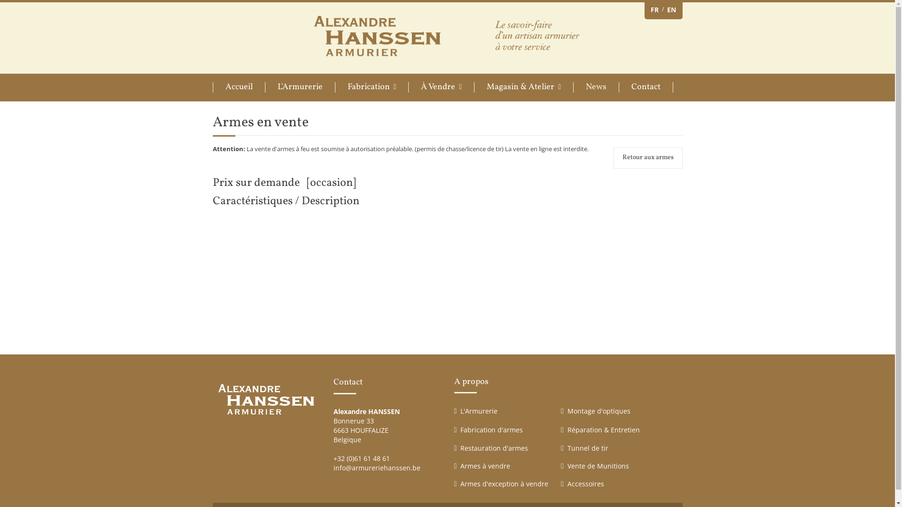  What do you see at coordinates (377, 468) in the screenshot?
I see `'info@armureriehanssen.be'` at bounding box center [377, 468].